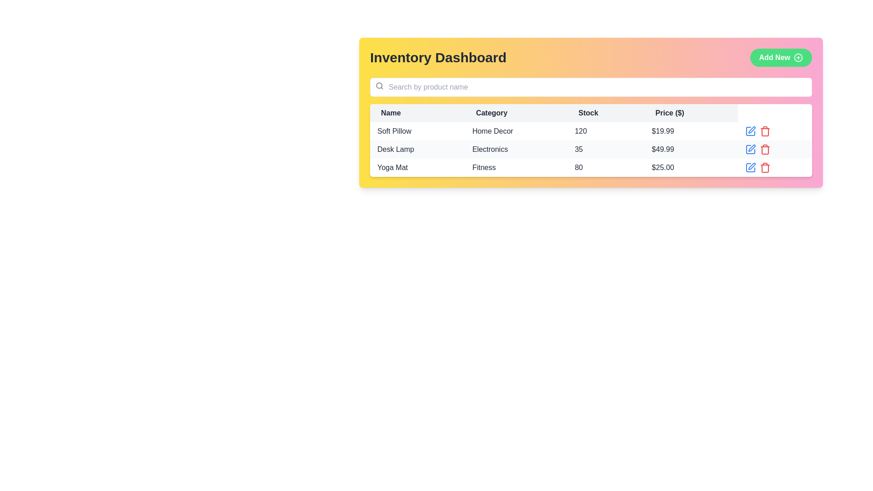  What do you see at coordinates (379, 85) in the screenshot?
I see `the decorative circle of the search icon located to the left of the input field in the header of the inventory dashboard` at bounding box center [379, 85].